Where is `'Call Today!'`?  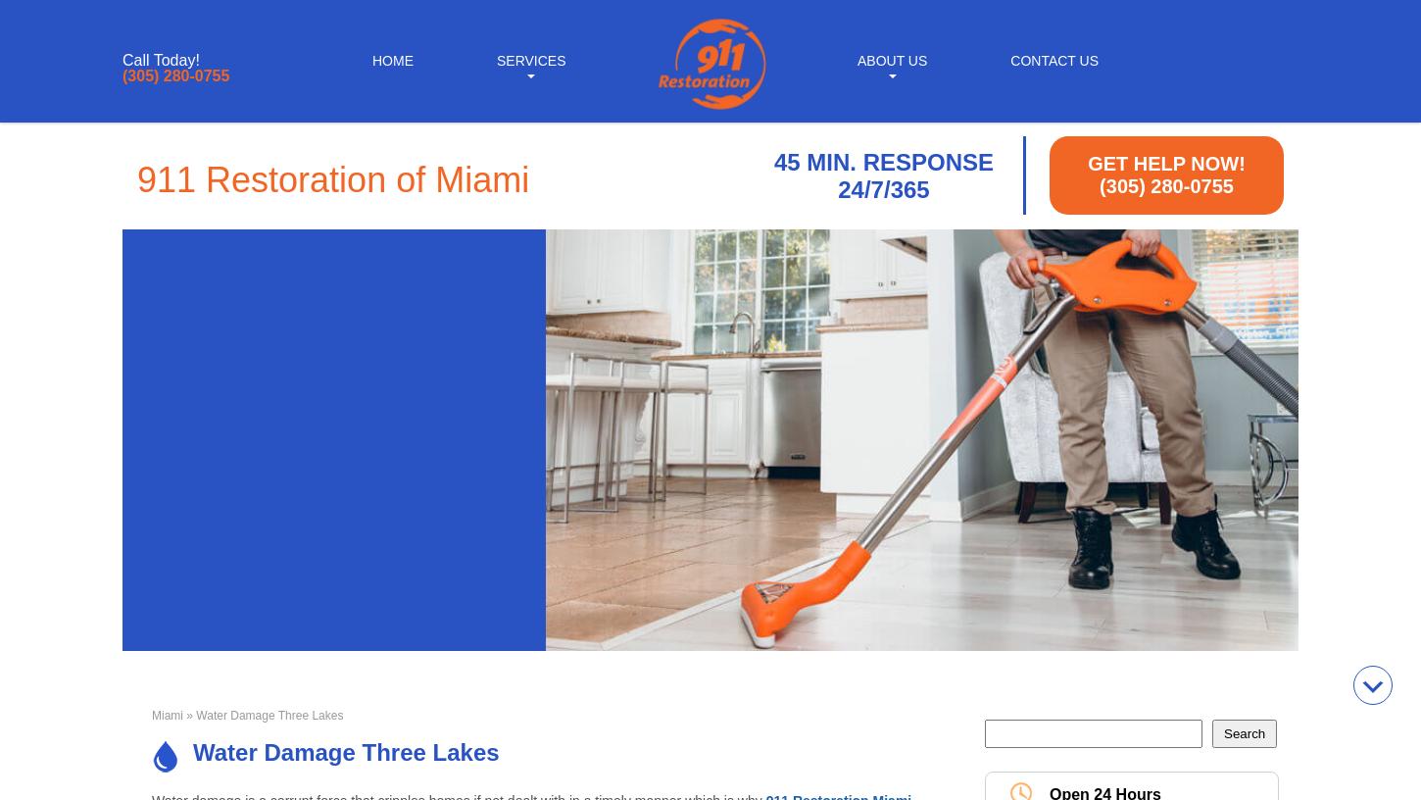 'Call Today!' is located at coordinates (159, 59).